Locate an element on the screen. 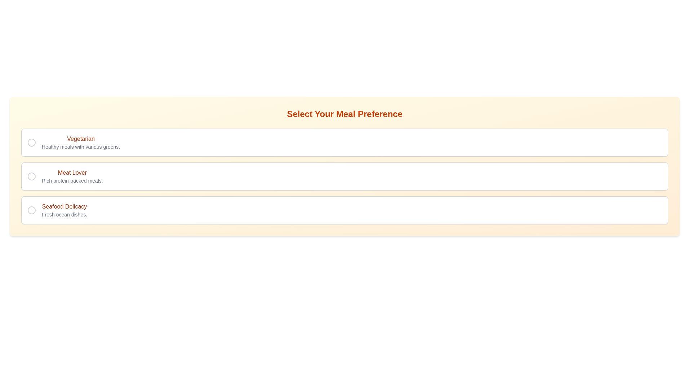 Image resolution: width=692 pixels, height=389 pixels. the text label component providing additional context for the title 'Seafood Delicacy', which describes 'Fresh ocean dishes.' is located at coordinates (64, 214).